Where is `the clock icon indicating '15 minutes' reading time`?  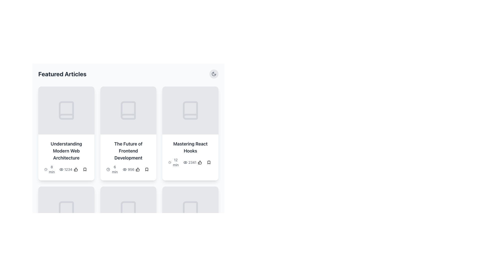
the clock icon indicating '15 minutes' reading time is located at coordinates (107, 262).